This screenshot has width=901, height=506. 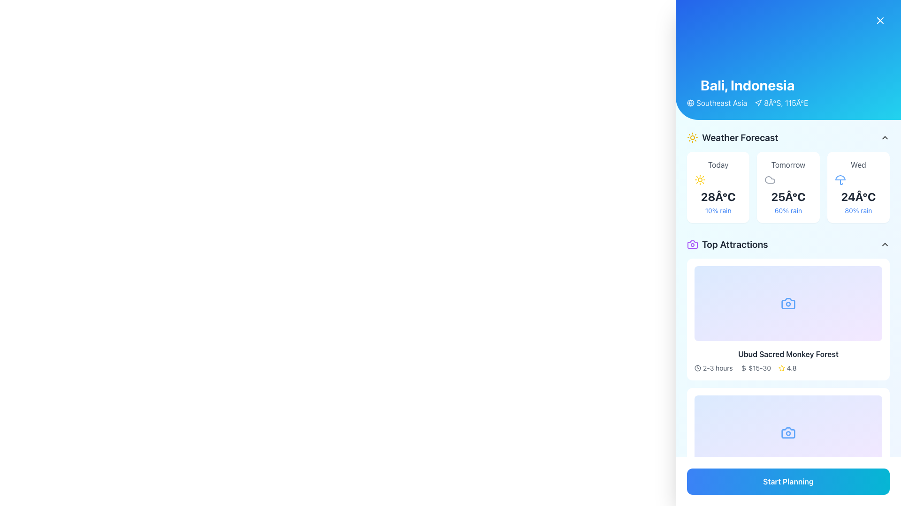 I want to click on the body of the camera icon located in the bottom half of the display within the second card of the 'Top Attractions' list, so click(x=788, y=433).